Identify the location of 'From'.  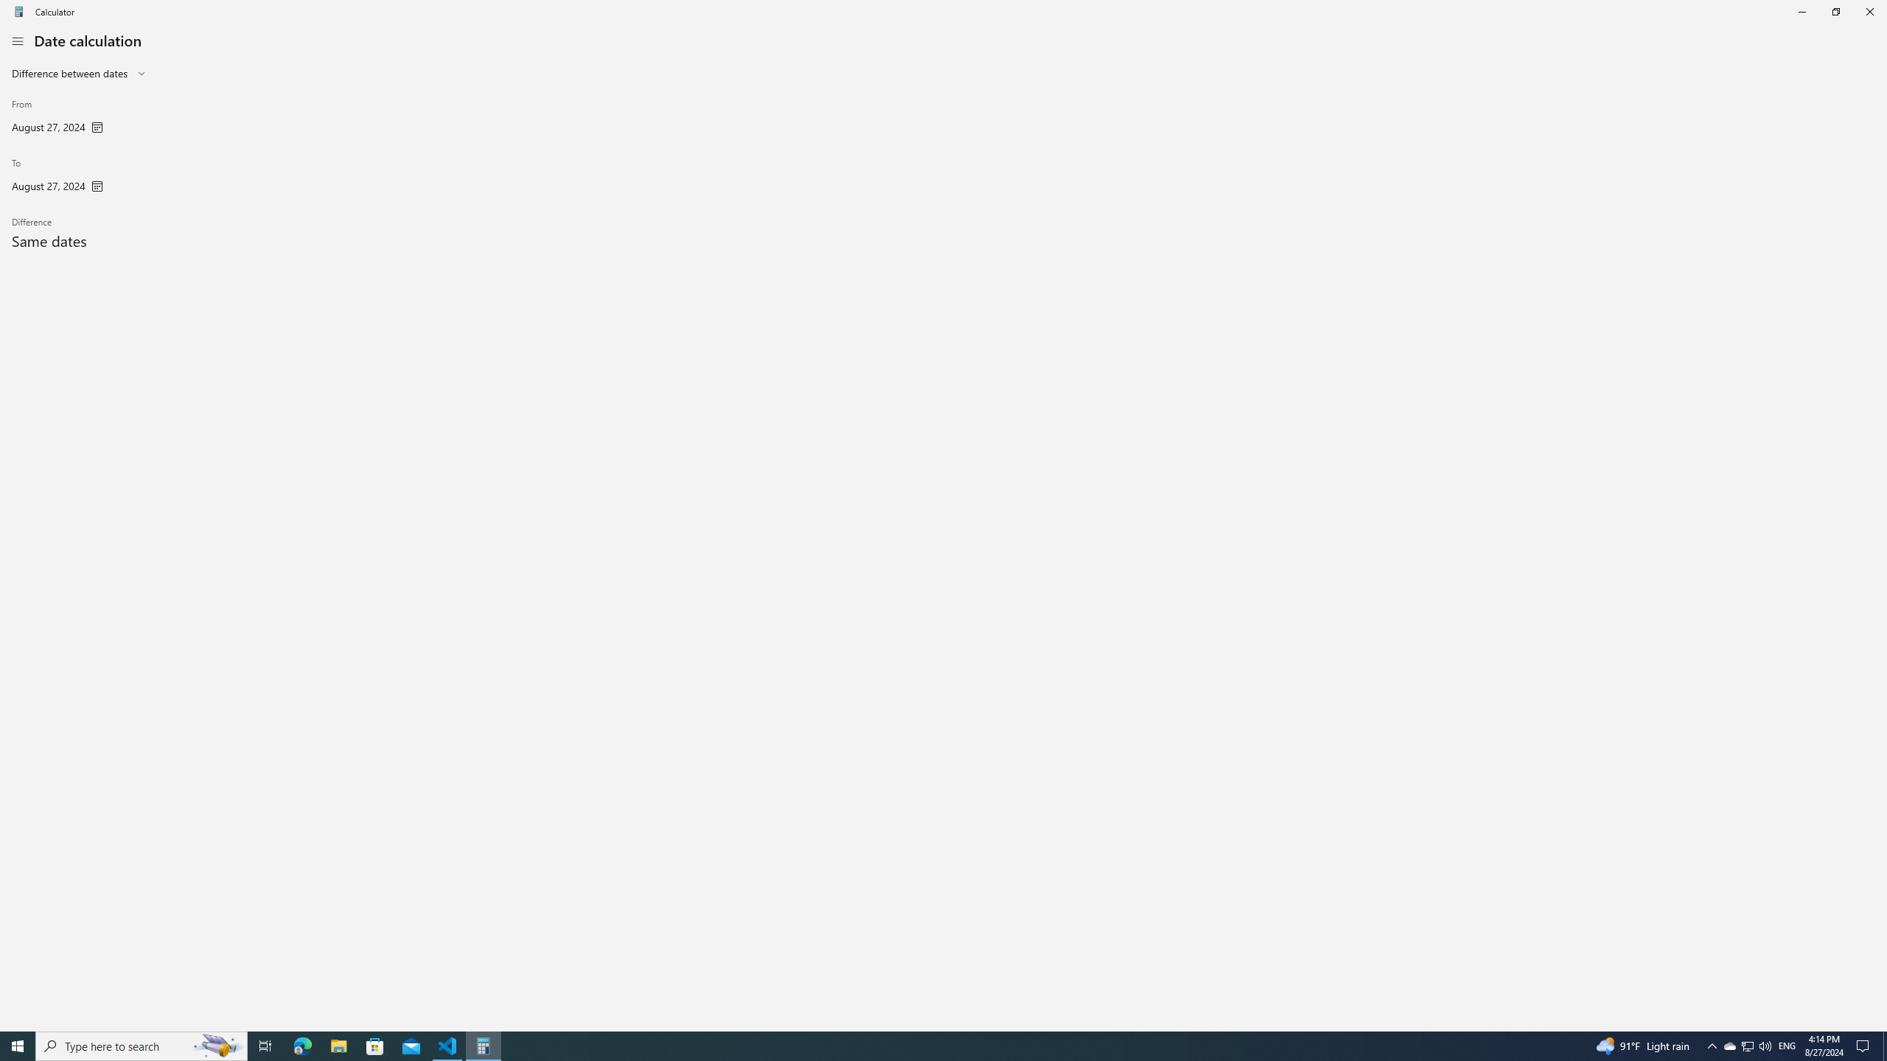
(57, 118).